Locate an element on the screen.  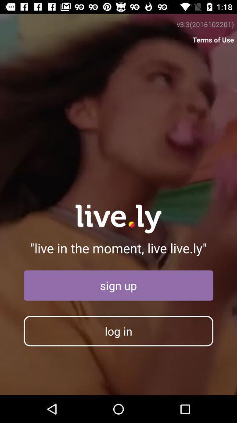
item above log in app is located at coordinates (118, 285).